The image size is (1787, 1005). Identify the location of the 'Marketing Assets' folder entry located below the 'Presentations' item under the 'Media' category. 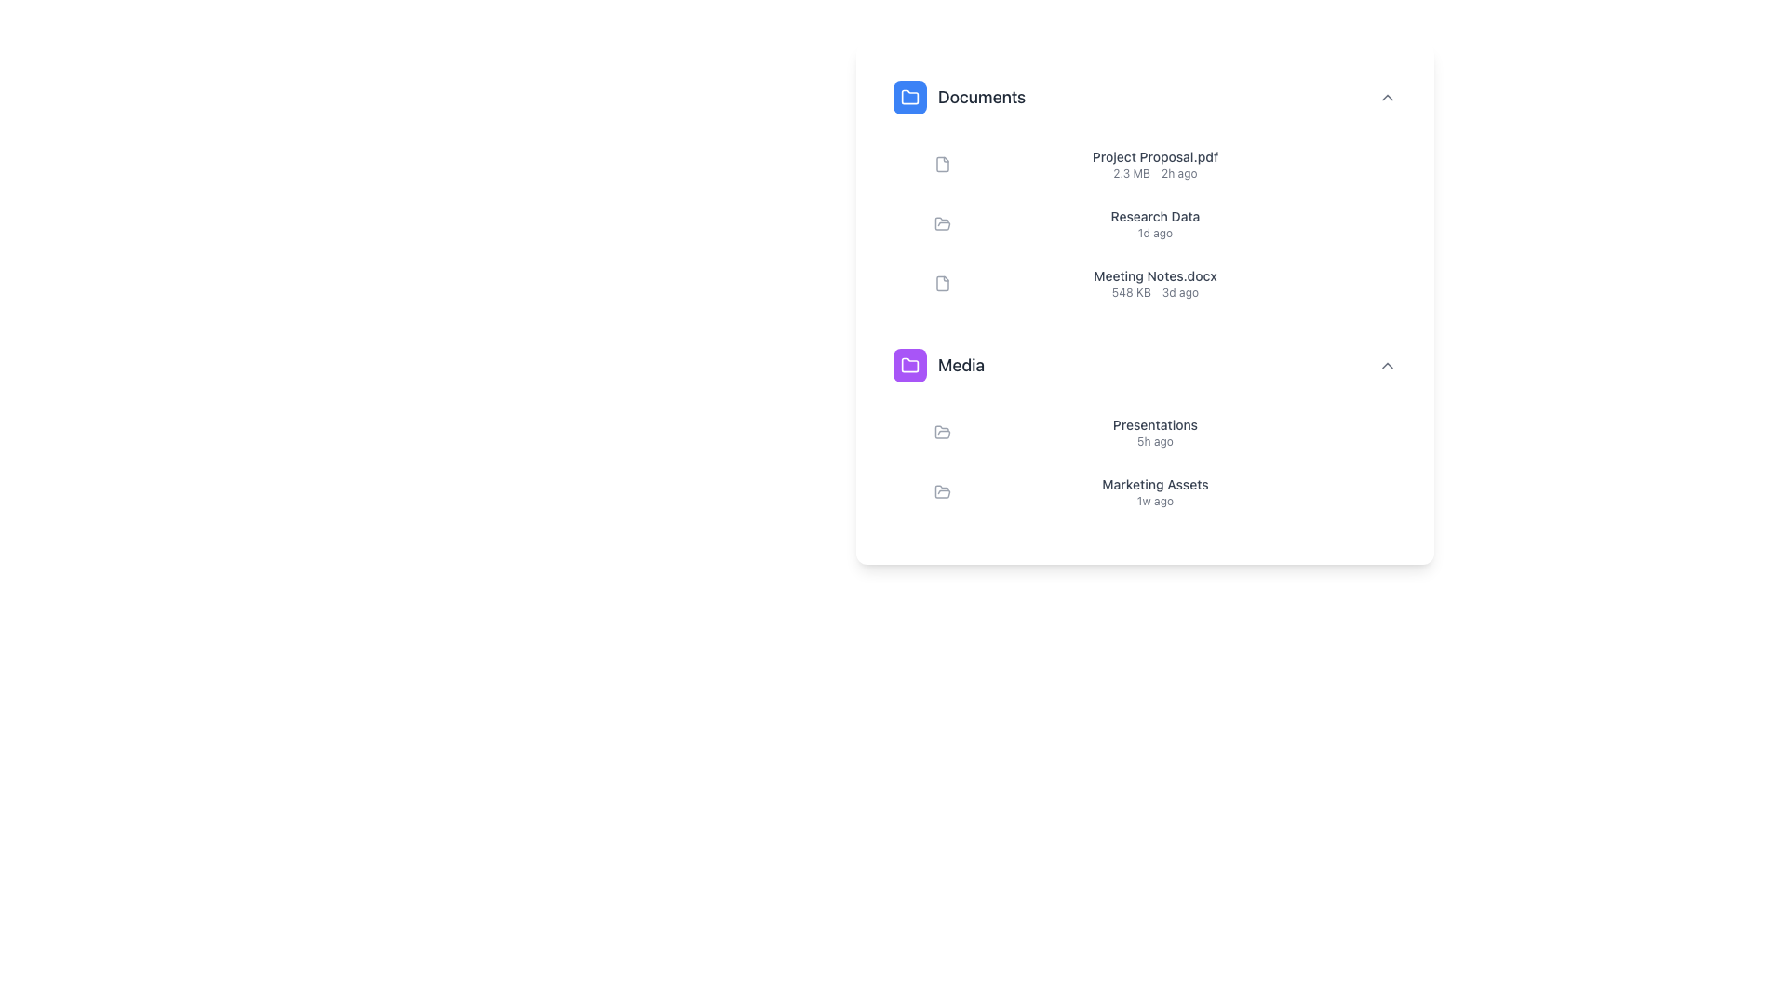
(1154, 490).